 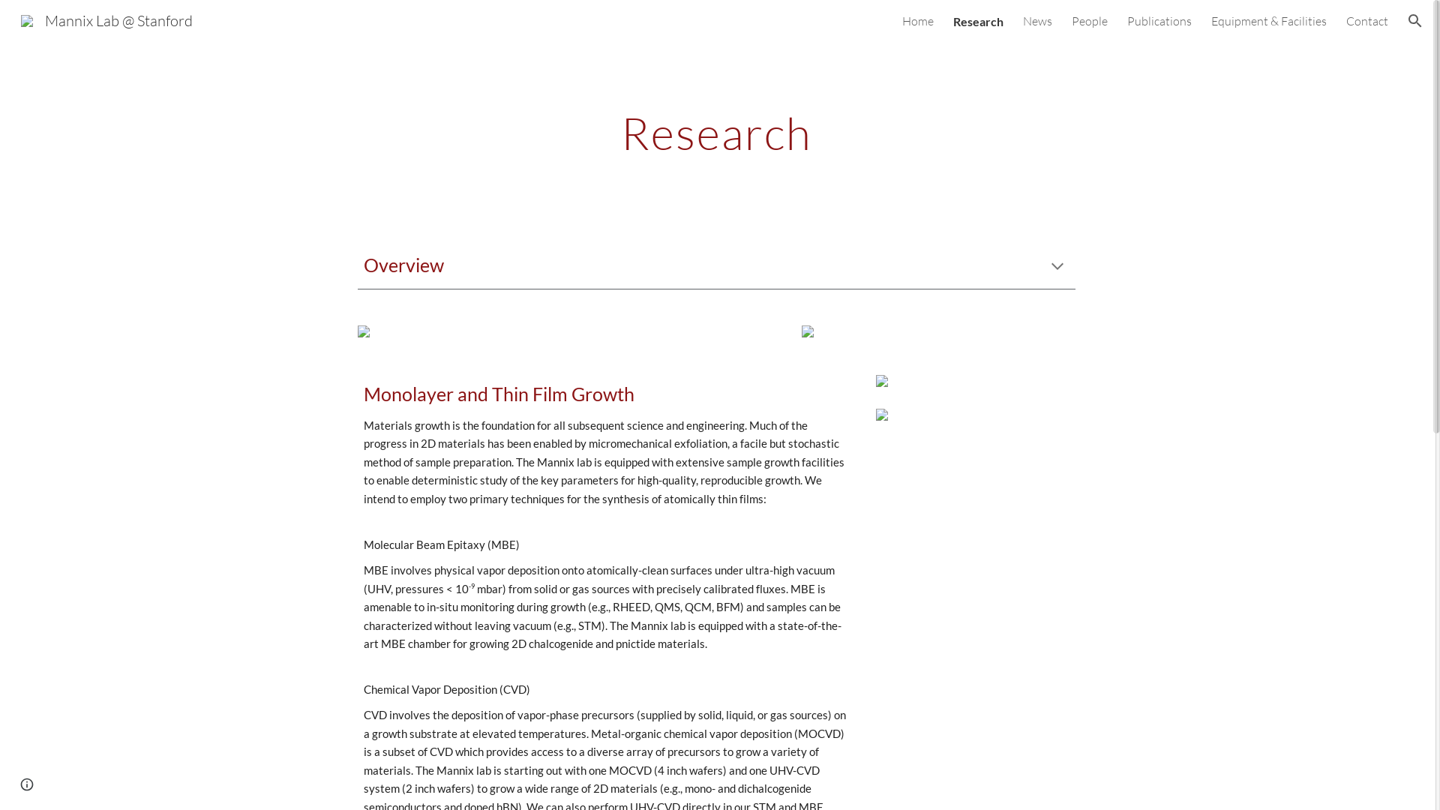 I want to click on 'News', so click(x=1036, y=20).